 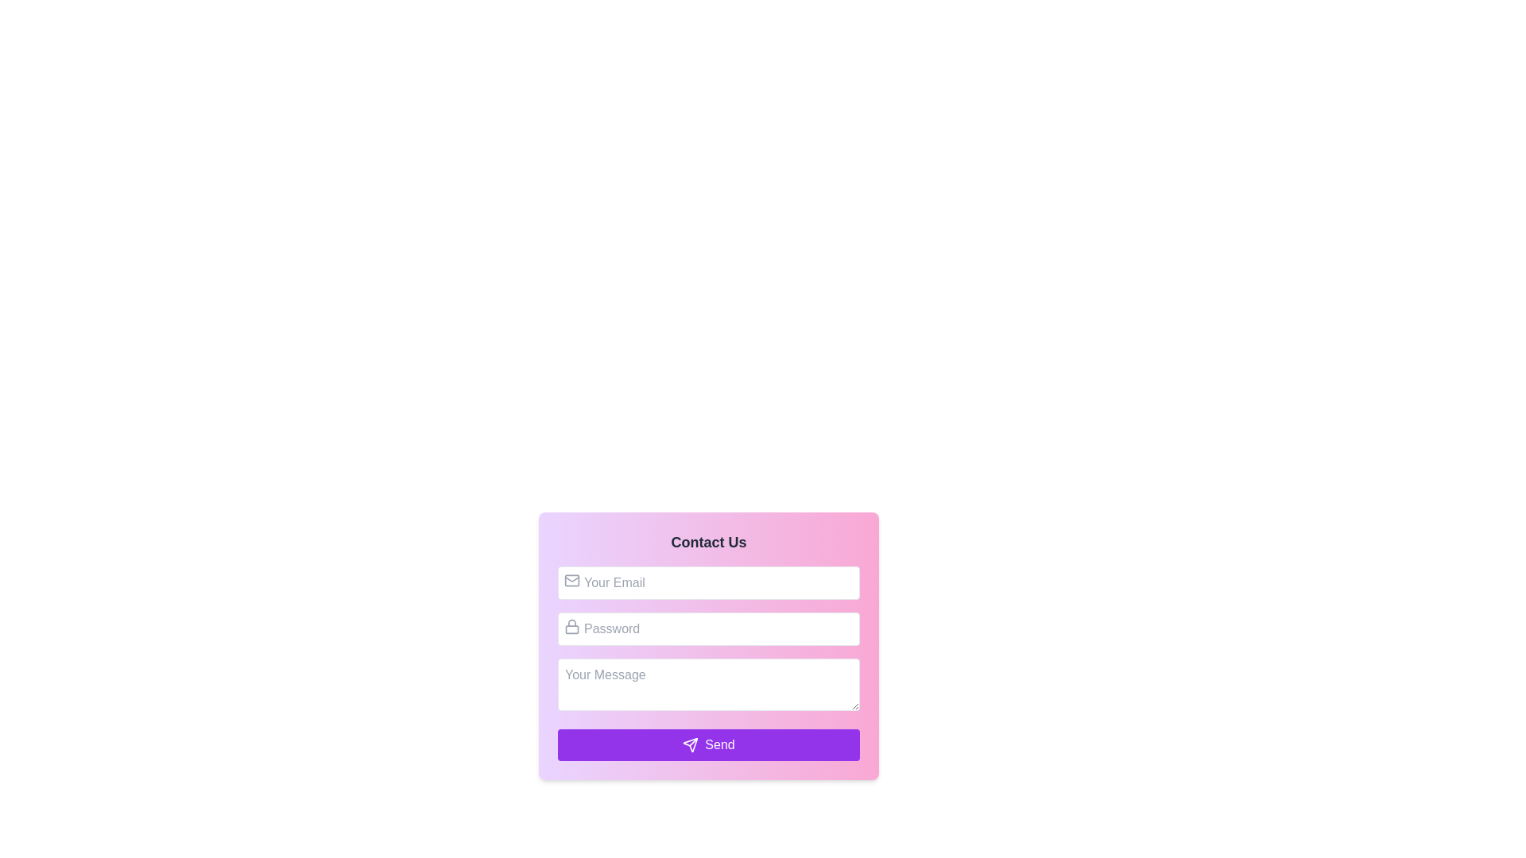 I want to click on the 'Send' button which contains a white arrow icon on a purple background, located at the bottom of the contact form interface, so click(x=691, y=744).